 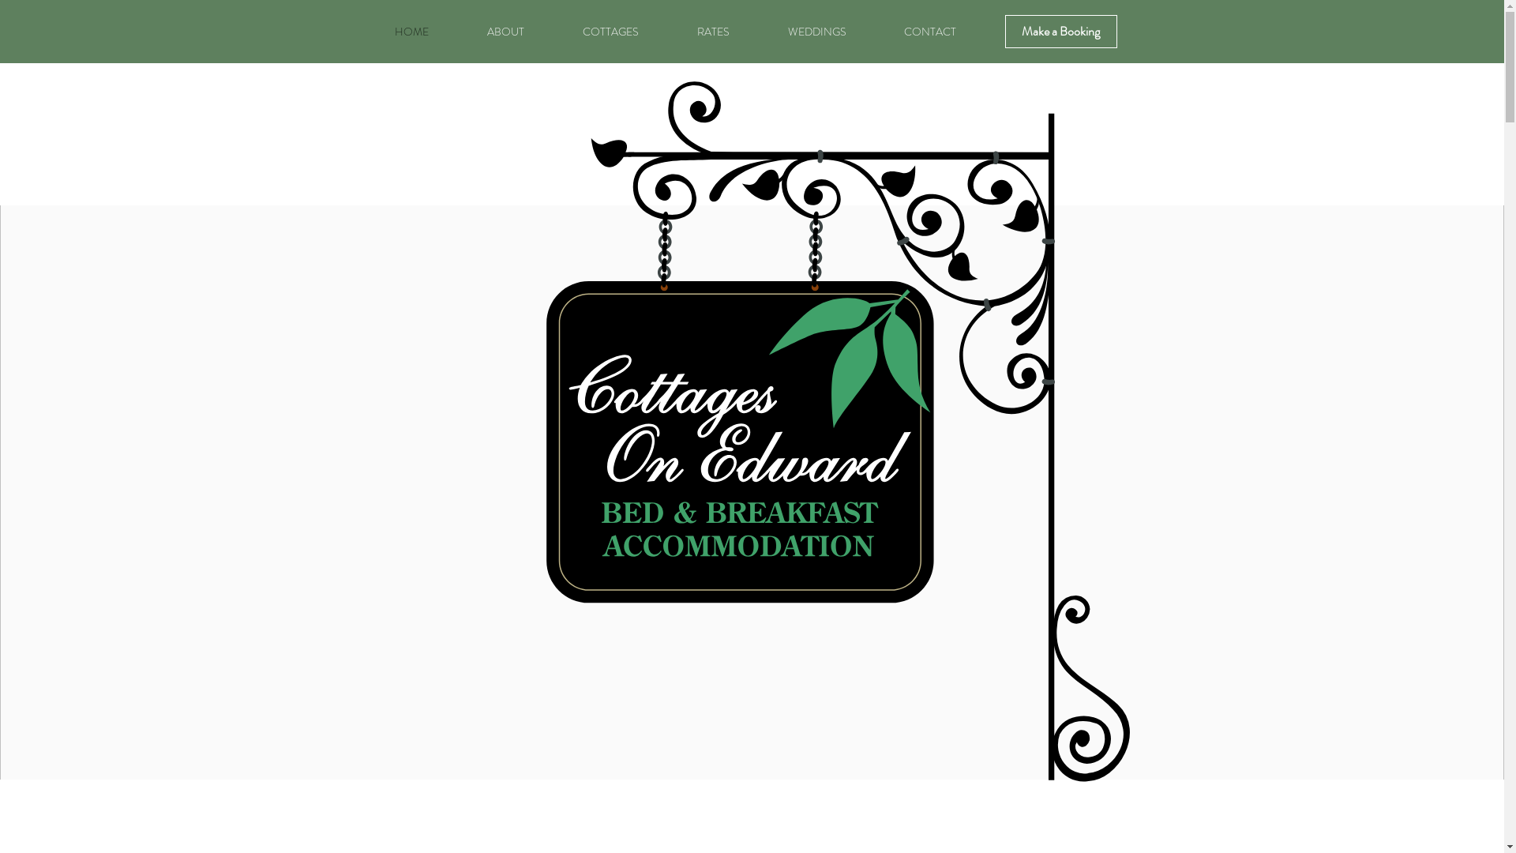 I want to click on 'Make a Booking', so click(x=1004, y=31).